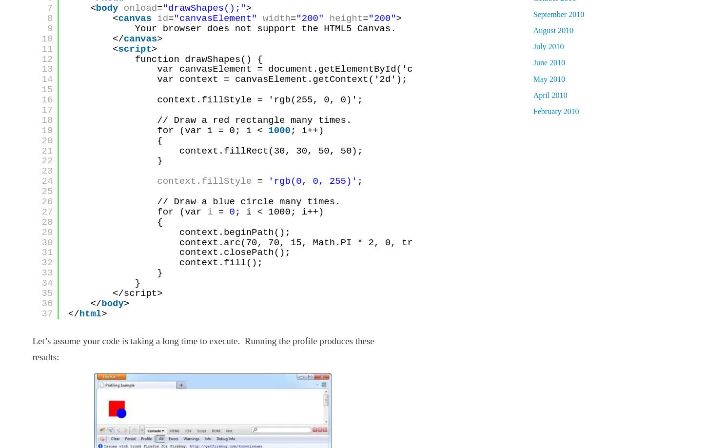  I want to click on '29', so click(47, 232).